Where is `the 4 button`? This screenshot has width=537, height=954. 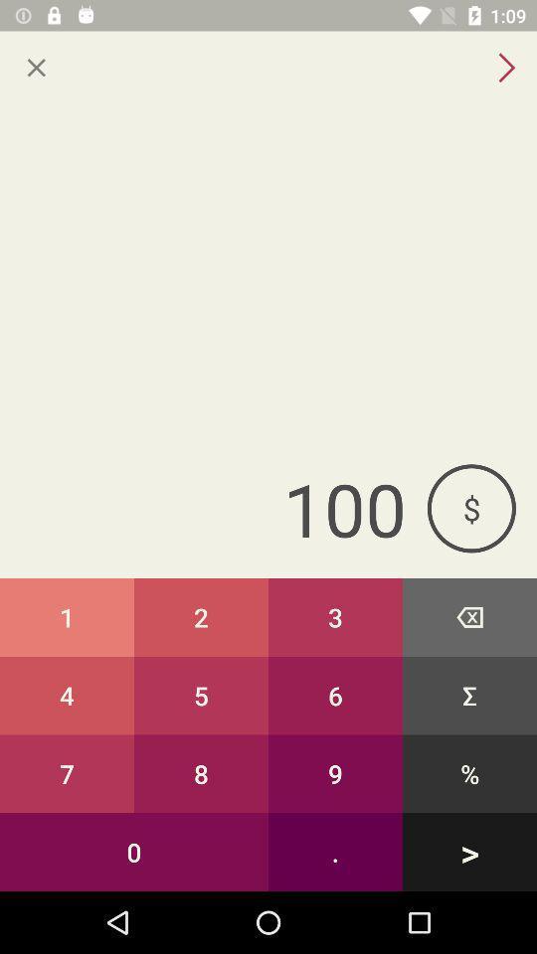 the 4 button is located at coordinates (67, 696).